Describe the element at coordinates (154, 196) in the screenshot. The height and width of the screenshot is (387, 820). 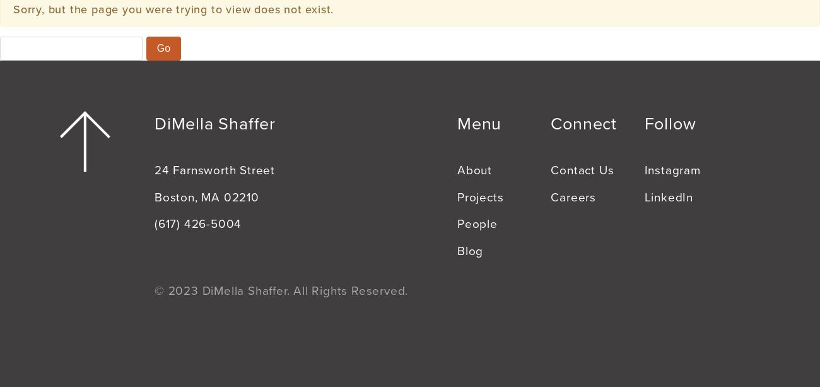
I see `'Boston, MA 02210'` at that location.